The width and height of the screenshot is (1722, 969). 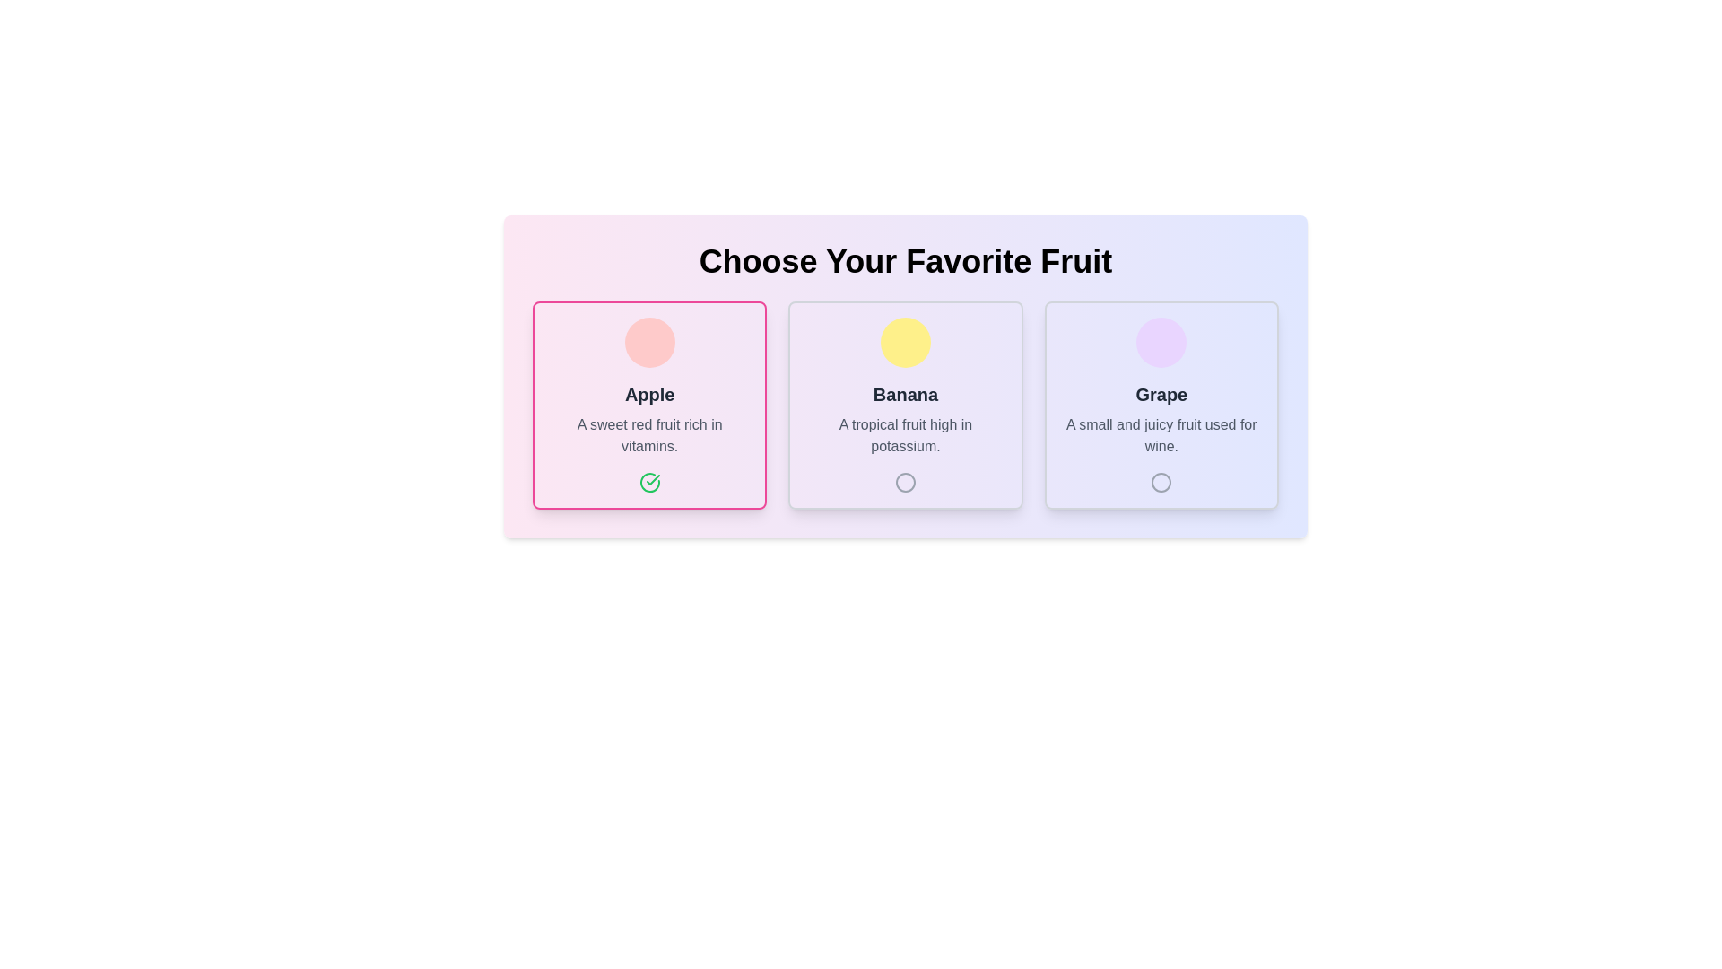 I want to click on text label displaying the word 'Banana' which is bold and centered under a yellow icon in the middle card of a three-card layout, so click(x=905, y=393).